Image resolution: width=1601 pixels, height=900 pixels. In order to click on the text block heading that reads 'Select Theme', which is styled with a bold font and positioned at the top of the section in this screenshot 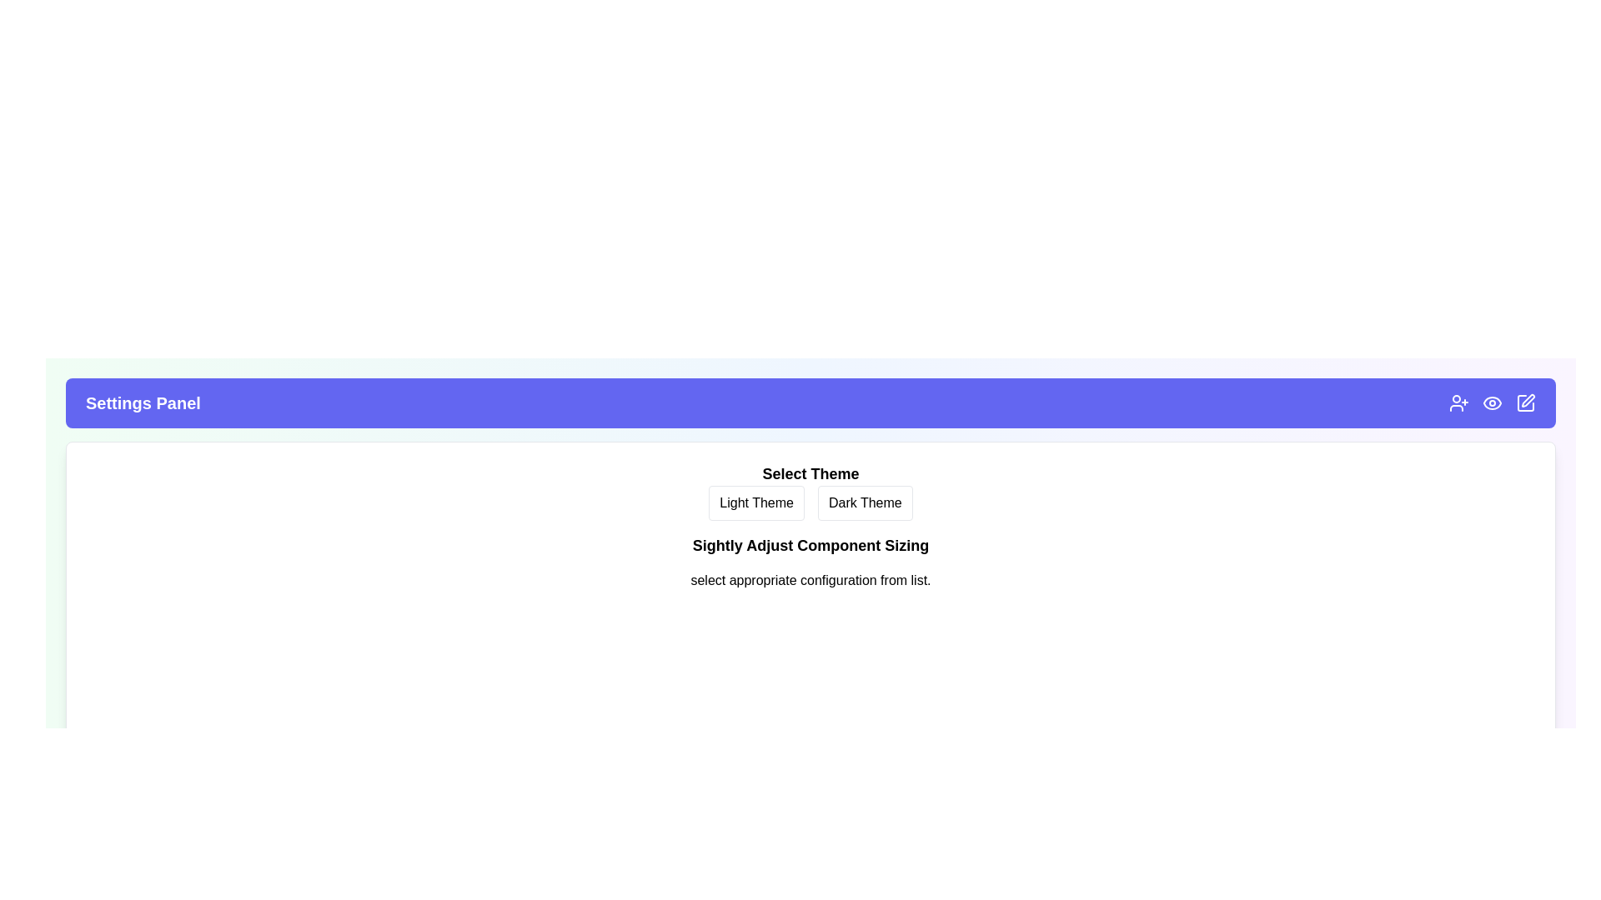, I will do `click(811, 474)`.